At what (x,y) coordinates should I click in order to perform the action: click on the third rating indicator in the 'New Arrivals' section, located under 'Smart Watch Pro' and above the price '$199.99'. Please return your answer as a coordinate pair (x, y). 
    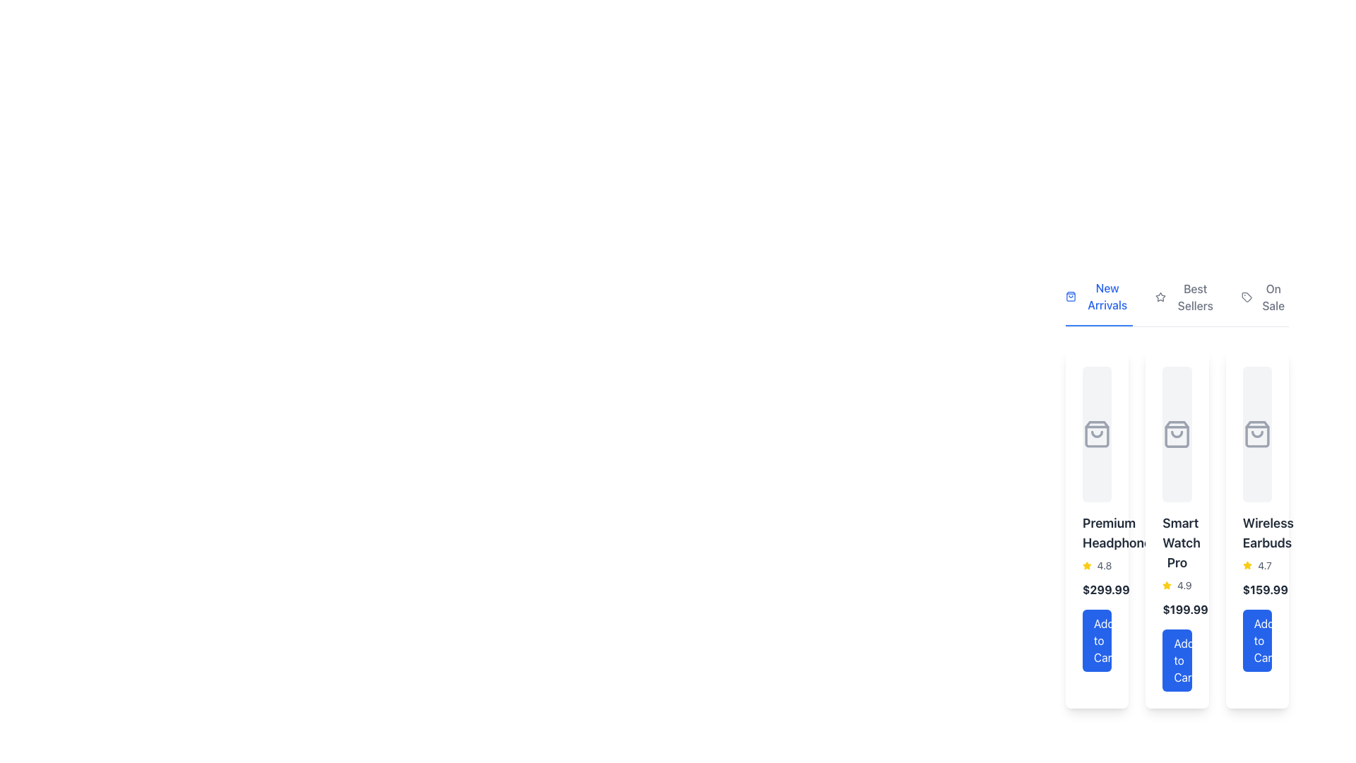
    Looking at the image, I should click on (1177, 586).